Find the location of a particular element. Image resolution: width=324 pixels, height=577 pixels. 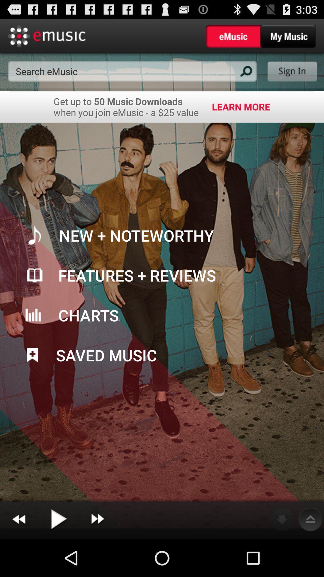

the av_rewind icon is located at coordinates (18, 556).